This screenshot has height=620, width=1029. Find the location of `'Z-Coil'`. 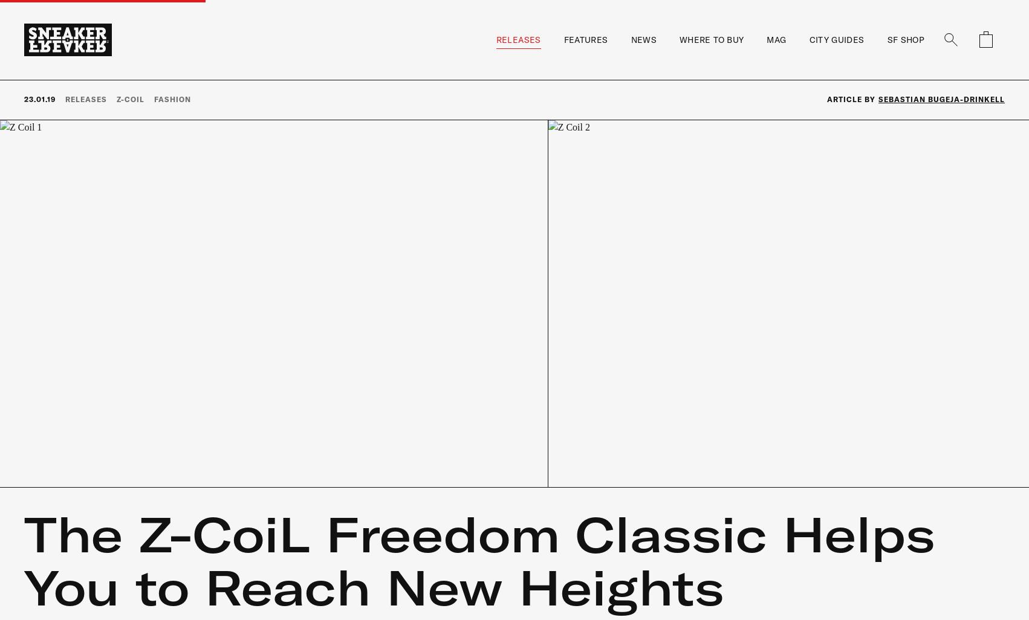

'Z-Coil' is located at coordinates (129, 98).